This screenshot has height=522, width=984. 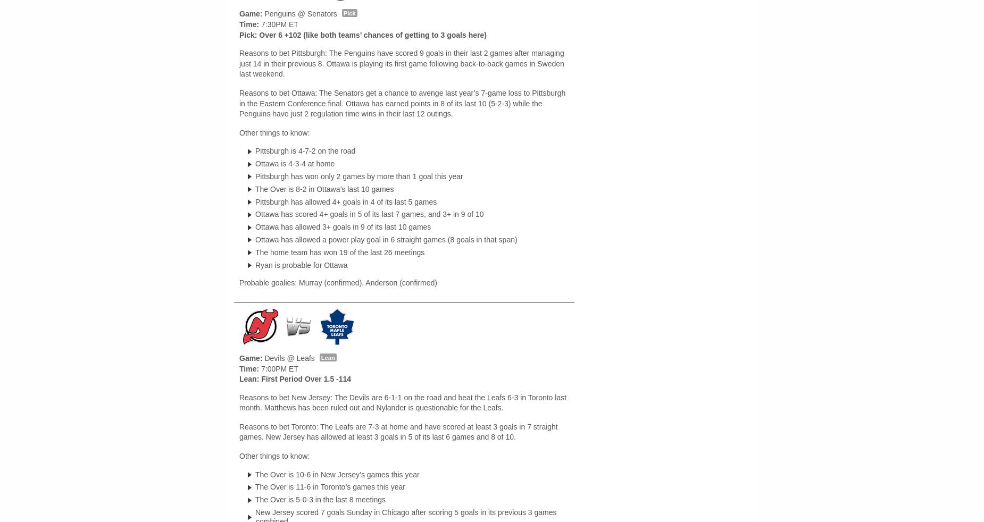 What do you see at coordinates (403, 402) in the screenshot?
I see `'Reasons to bet New Jersey: The Devils are 6-1-1 on the road and beat the Leafs 6-3 in Toronto last month. Matthews has been ruled out and Nylander is questionable for the Leafs.'` at bounding box center [403, 402].